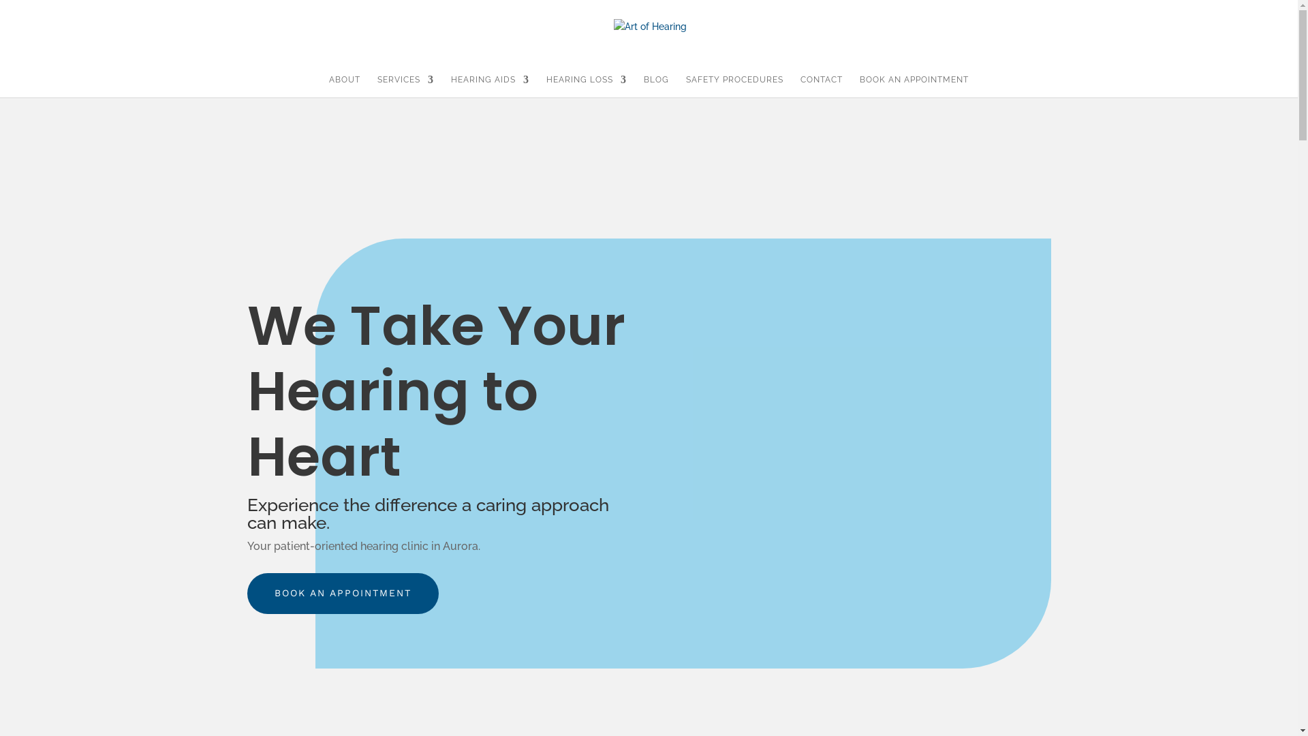  What do you see at coordinates (734, 86) in the screenshot?
I see `'SAFETY PROCEDURES'` at bounding box center [734, 86].